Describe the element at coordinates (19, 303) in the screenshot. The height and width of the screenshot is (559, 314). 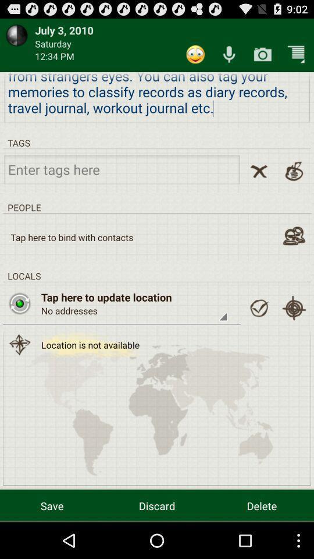
I see `updates location` at that location.